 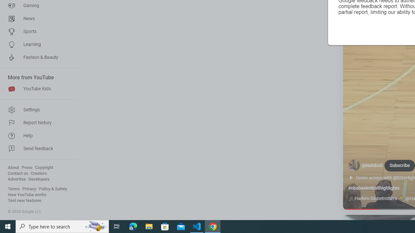 What do you see at coordinates (17, 179) in the screenshot?
I see `'Advertise'` at bounding box center [17, 179].